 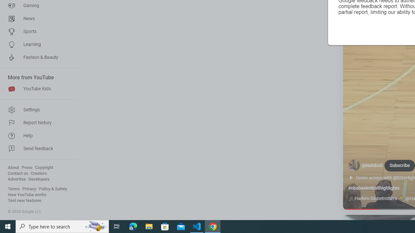 What do you see at coordinates (17, 179) in the screenshot?
I see `'Advertise'` at bounding box center [17, 179].